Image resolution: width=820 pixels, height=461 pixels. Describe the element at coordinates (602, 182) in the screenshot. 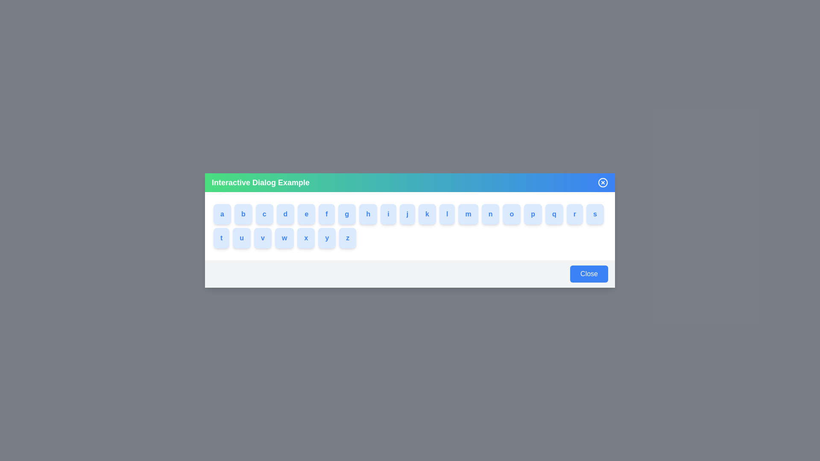

I see `the top-right close button to close the dialog` at that location.